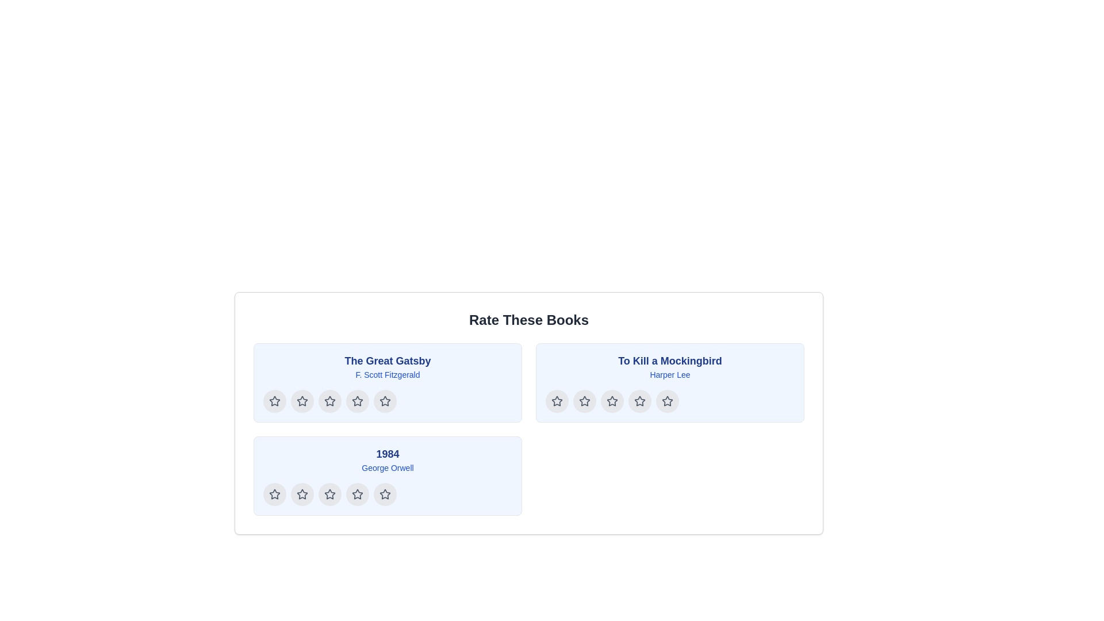 This screenshot has width=1104, height=621. Describe the element at coordinates (302, 494) in the screenshot. I see `the first star icon for rating, which is outlined in gray and located below the title '1984' and author 'George Orwell'` at that location.